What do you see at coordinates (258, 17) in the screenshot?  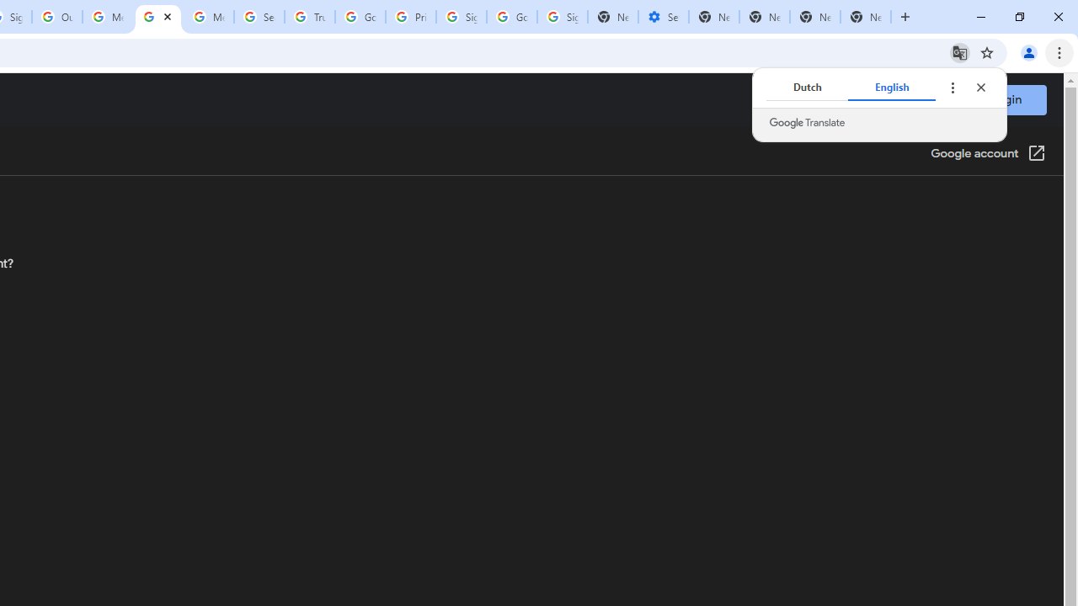 I see `'Search our Doodle Library Collection - Google Doodles'` at bounding box center [258, 17].